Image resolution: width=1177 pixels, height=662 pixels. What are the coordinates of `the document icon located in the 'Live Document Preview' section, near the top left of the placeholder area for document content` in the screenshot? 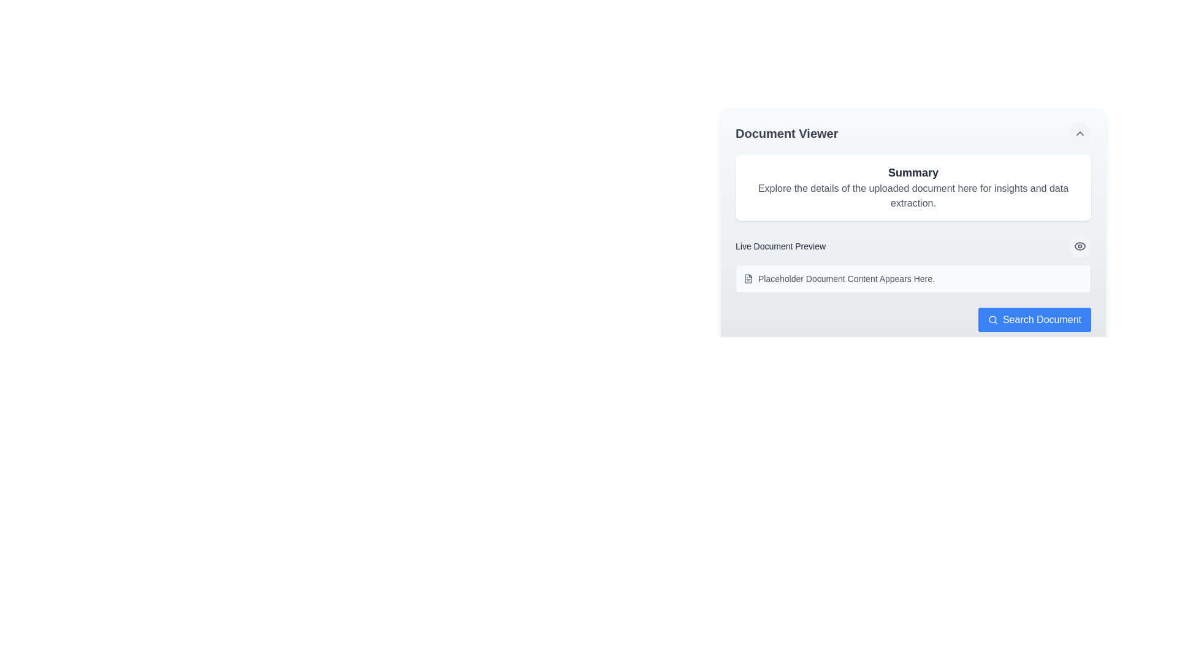 It's located at (747, 279).